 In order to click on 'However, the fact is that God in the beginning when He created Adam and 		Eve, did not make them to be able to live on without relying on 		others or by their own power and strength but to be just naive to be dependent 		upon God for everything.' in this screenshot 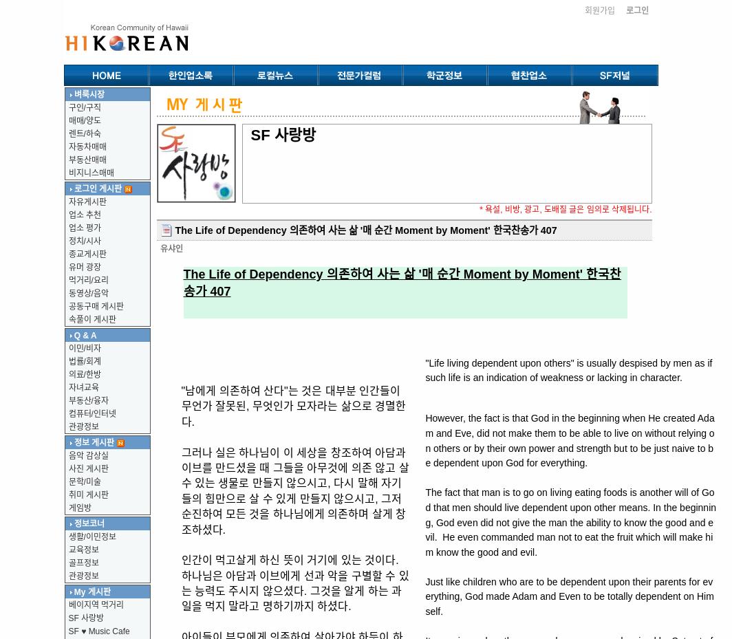, I will do `click(570, 440)`.